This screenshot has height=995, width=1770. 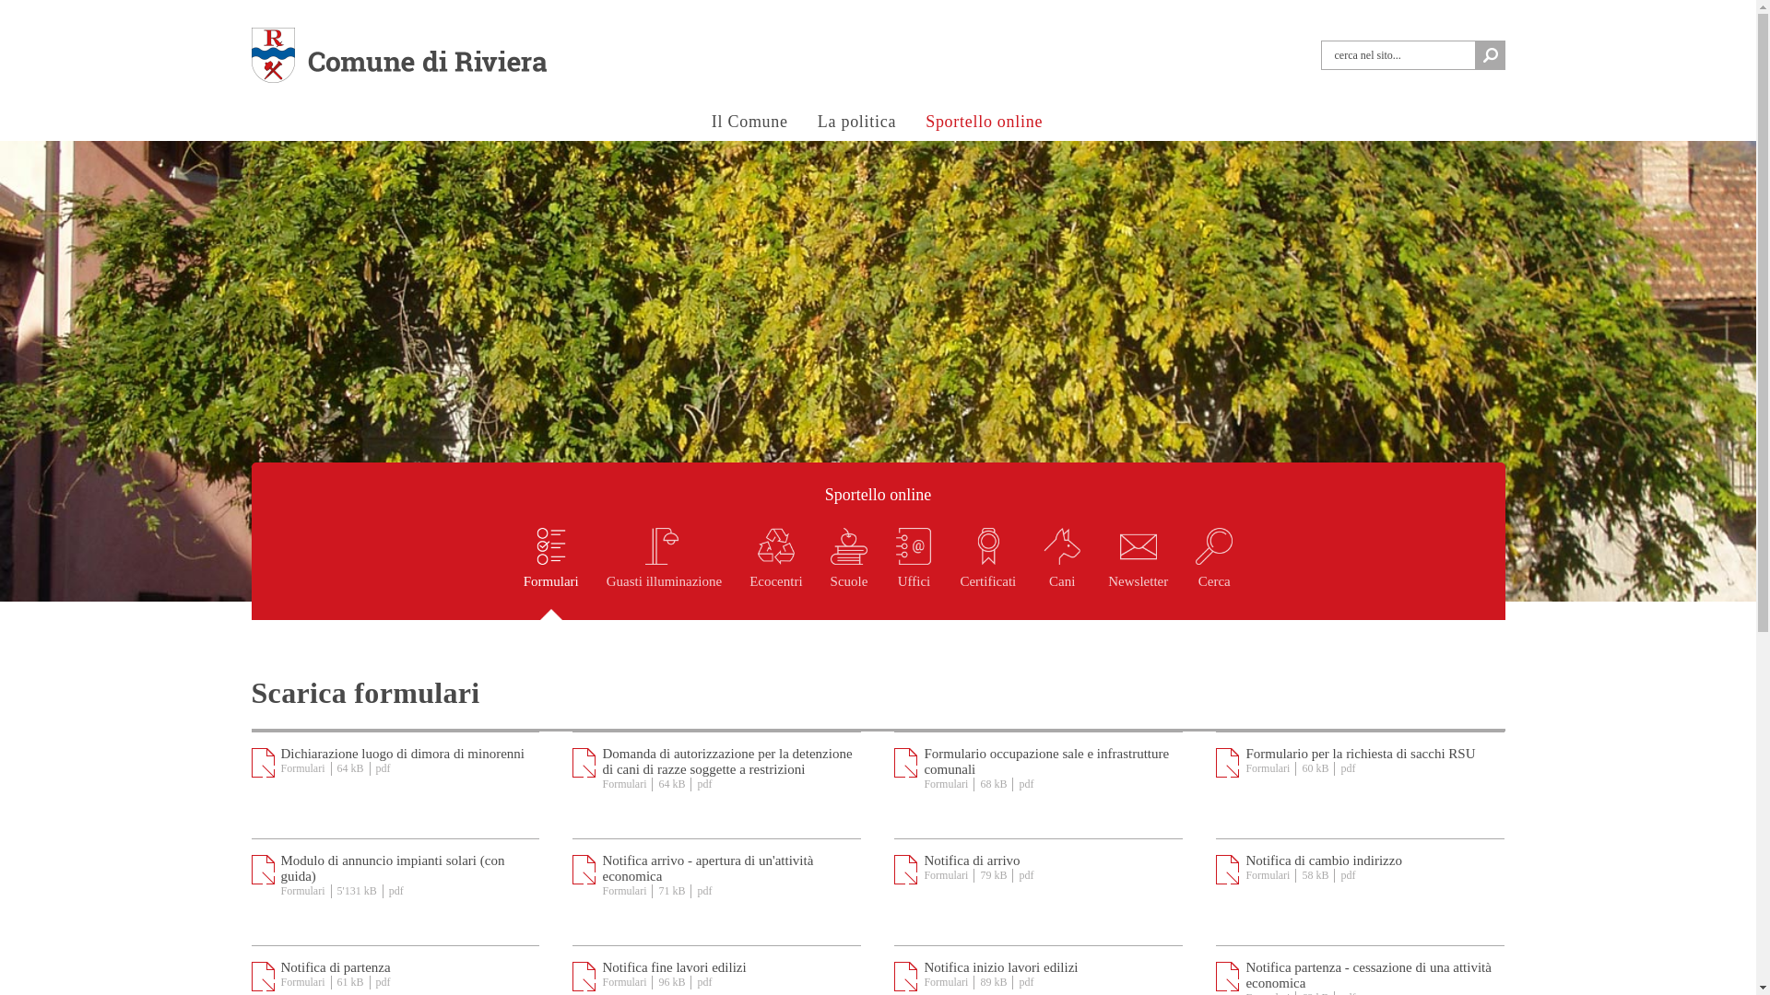 I want to click on 'Ecocentri', so click(x=775, y=573).